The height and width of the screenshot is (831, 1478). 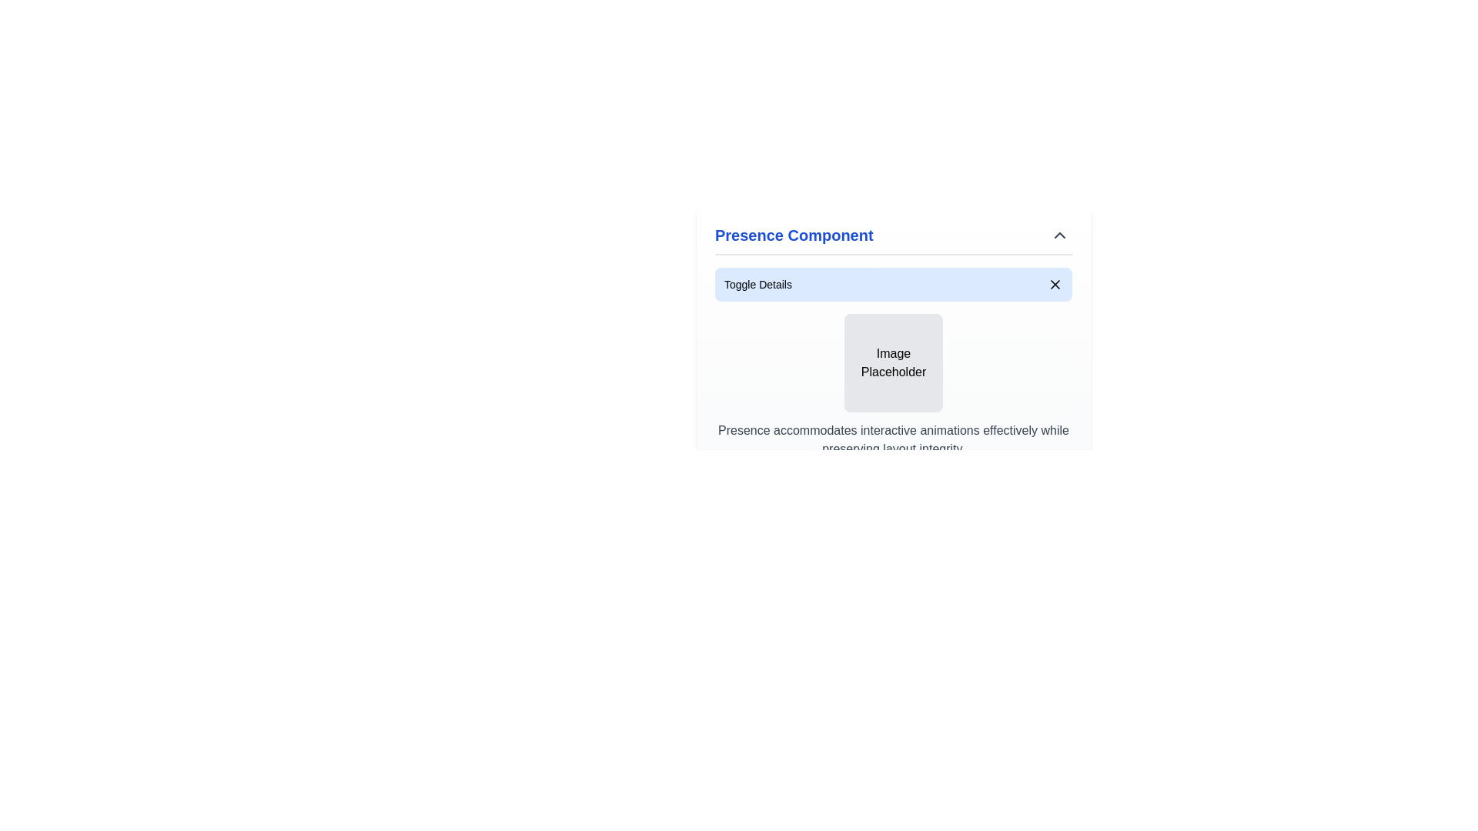 What do you see at coordinates (1059, 235) in the screenshot?
I see `the icon button located to the right of the 'Presence Component' title` at bounding box center [1059, 235].